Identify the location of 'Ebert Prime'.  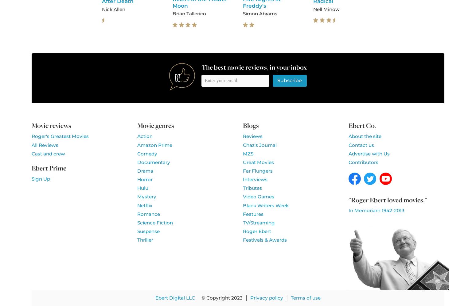
(49, 168).